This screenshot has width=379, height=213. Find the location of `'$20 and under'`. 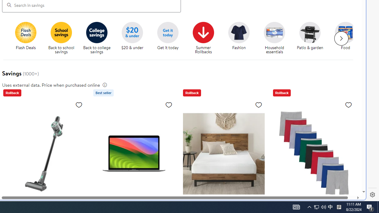

'$20 and under' is located at coordinates (132, 32).